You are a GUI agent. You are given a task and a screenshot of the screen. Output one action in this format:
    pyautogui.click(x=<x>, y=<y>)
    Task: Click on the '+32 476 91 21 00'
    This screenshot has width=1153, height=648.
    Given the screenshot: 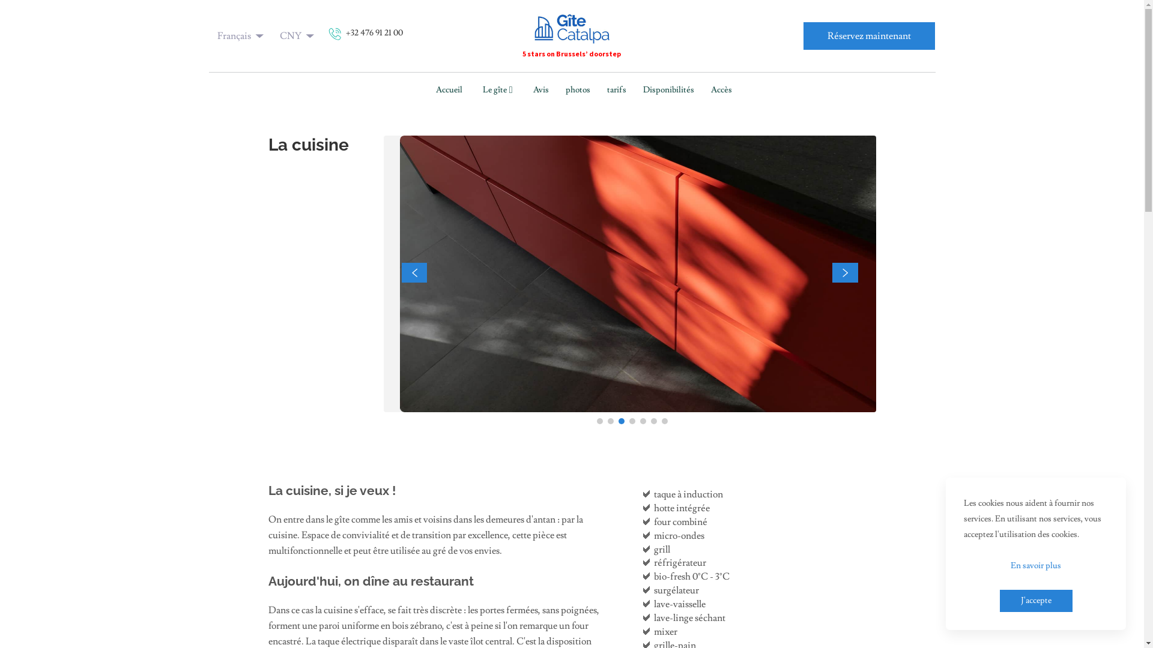 What is the action you would take?
    pyautogui.click(x=365, y=35)
    